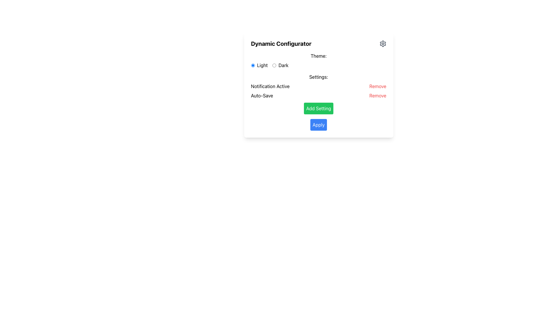 Image resolution: width=560 pixels, height=315 pixels. I want to click on the radio button, so click(274, 65).